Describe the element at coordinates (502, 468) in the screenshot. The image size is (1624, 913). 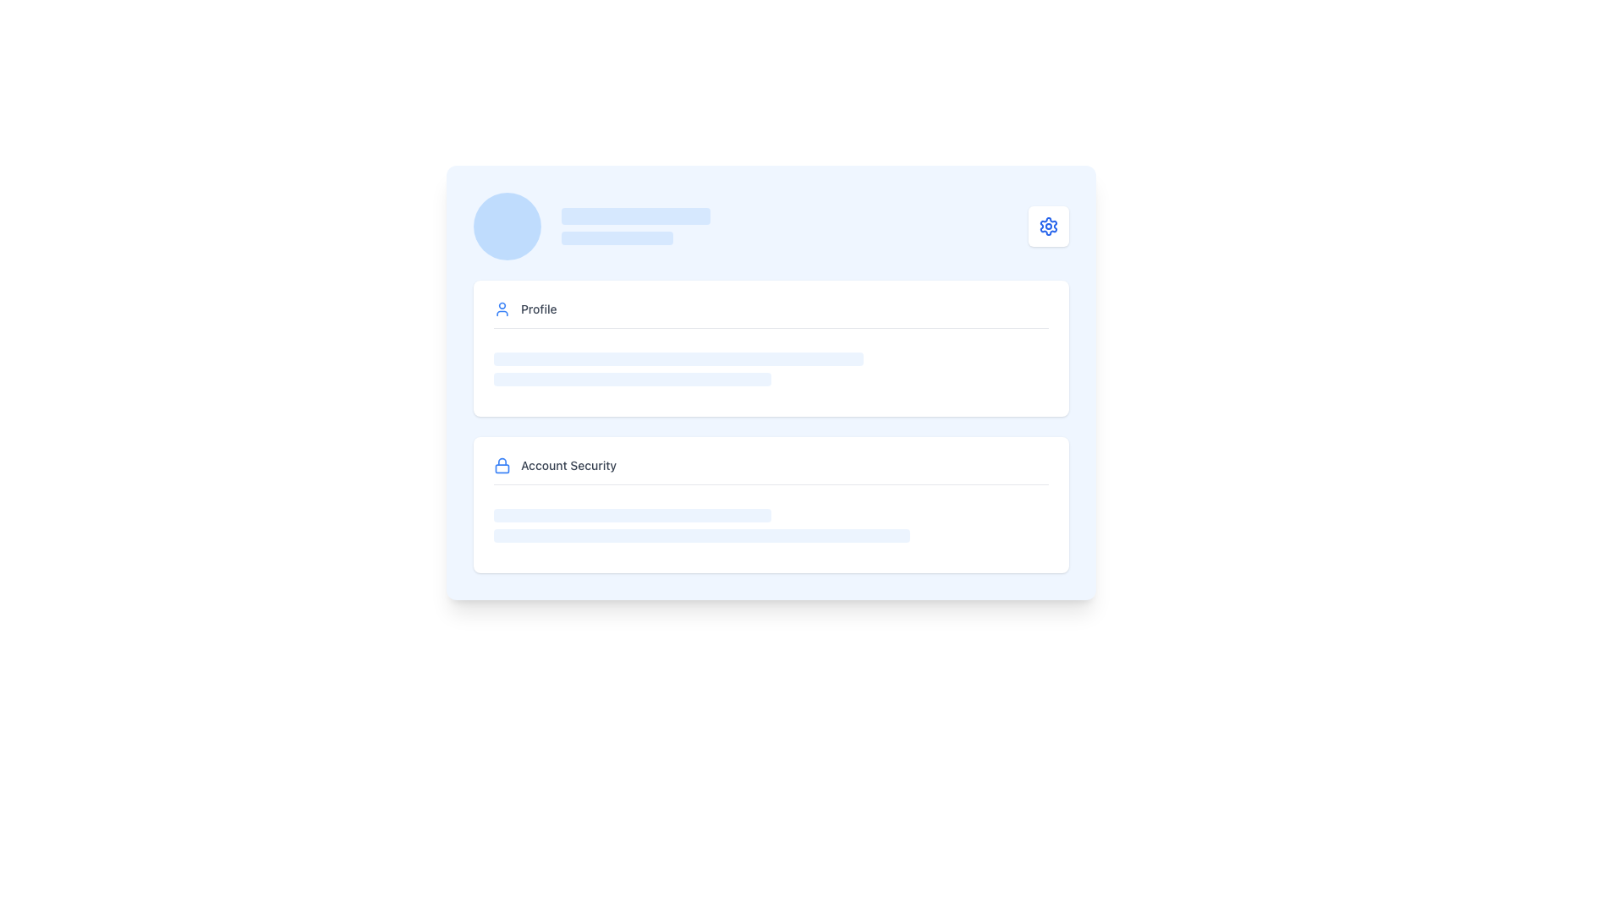
I see `the rectangular body of the lock icon located within the Account Security section` at that location.